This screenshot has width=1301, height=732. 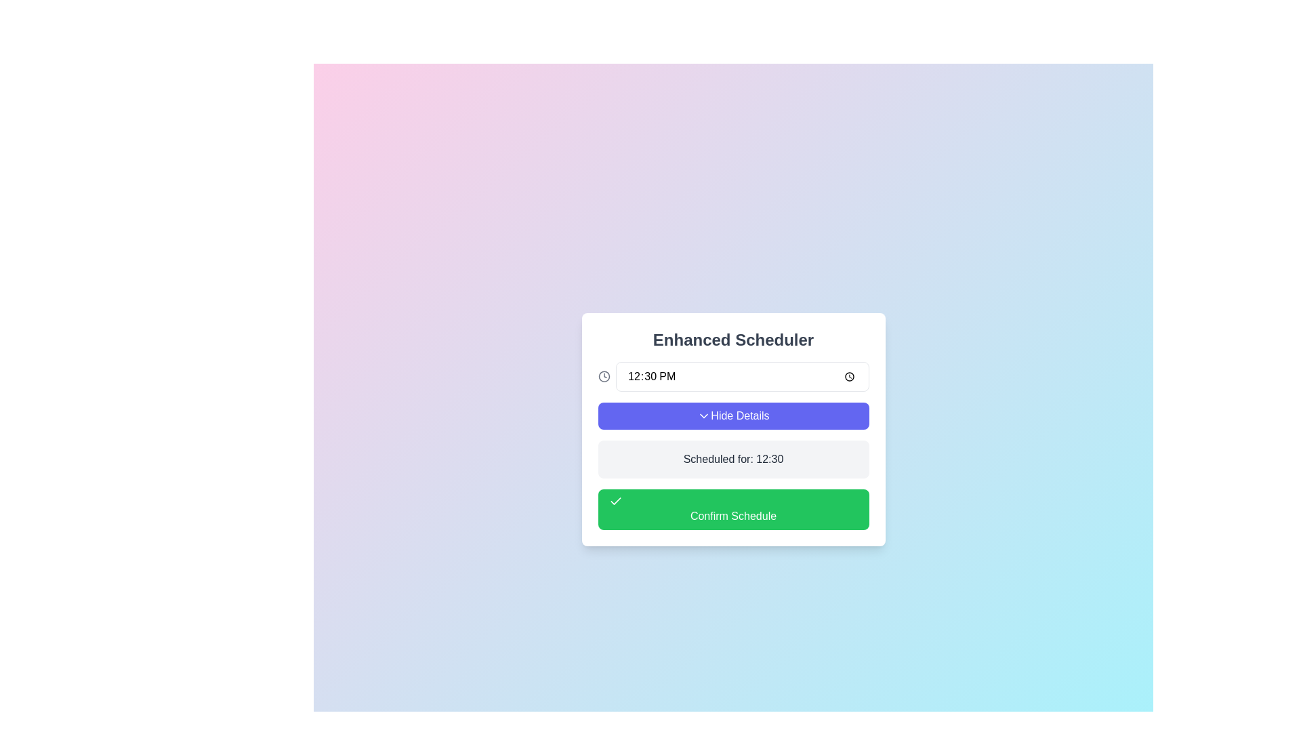 What do you see at coordinates (704, 415) in the screenshot?
I see `the 'Hide Details' button by clicking on the chevron down icon, which is visually represented as a downward-facing arrow, indicating the action to expand or collapse details` at bounding box center [704, 415].